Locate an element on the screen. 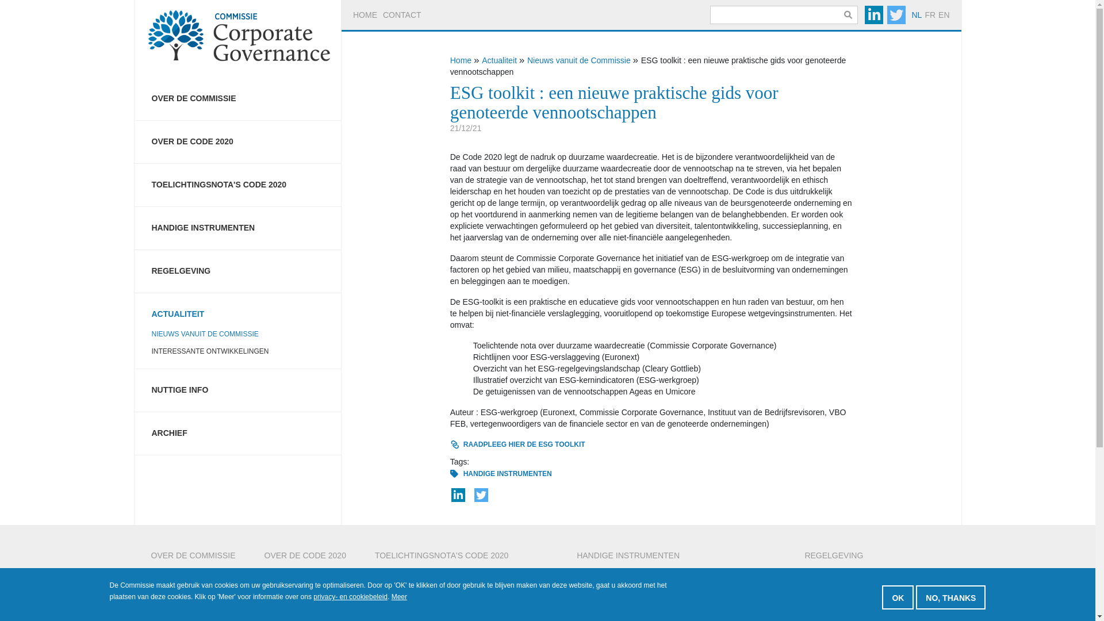 The width and height of the screenshot is (1104, 621). 'TOELICHTINGSNOTA'S CODE 2020' is located at coordinates (237, 184).